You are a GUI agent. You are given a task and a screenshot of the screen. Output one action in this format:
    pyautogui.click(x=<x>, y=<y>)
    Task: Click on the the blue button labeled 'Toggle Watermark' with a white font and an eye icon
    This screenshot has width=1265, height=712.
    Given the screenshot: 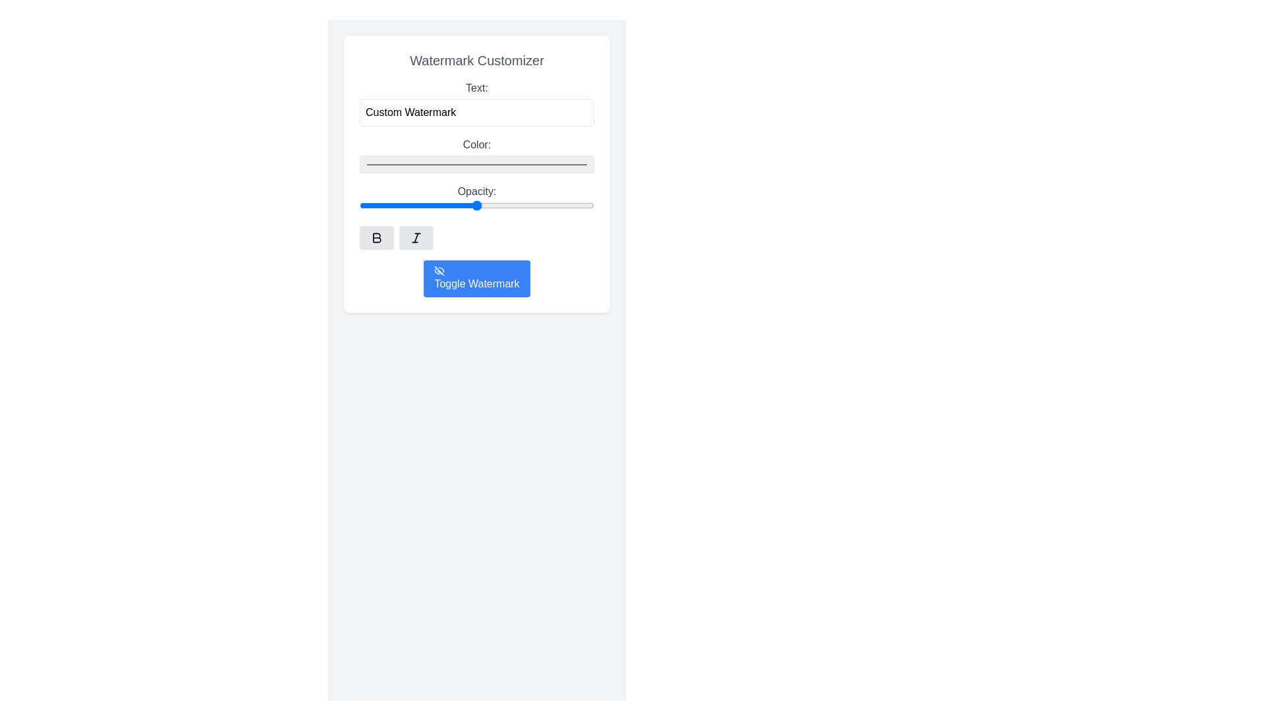 What is the action you would take?
    pyautogui.click(x=476, y=278)
    